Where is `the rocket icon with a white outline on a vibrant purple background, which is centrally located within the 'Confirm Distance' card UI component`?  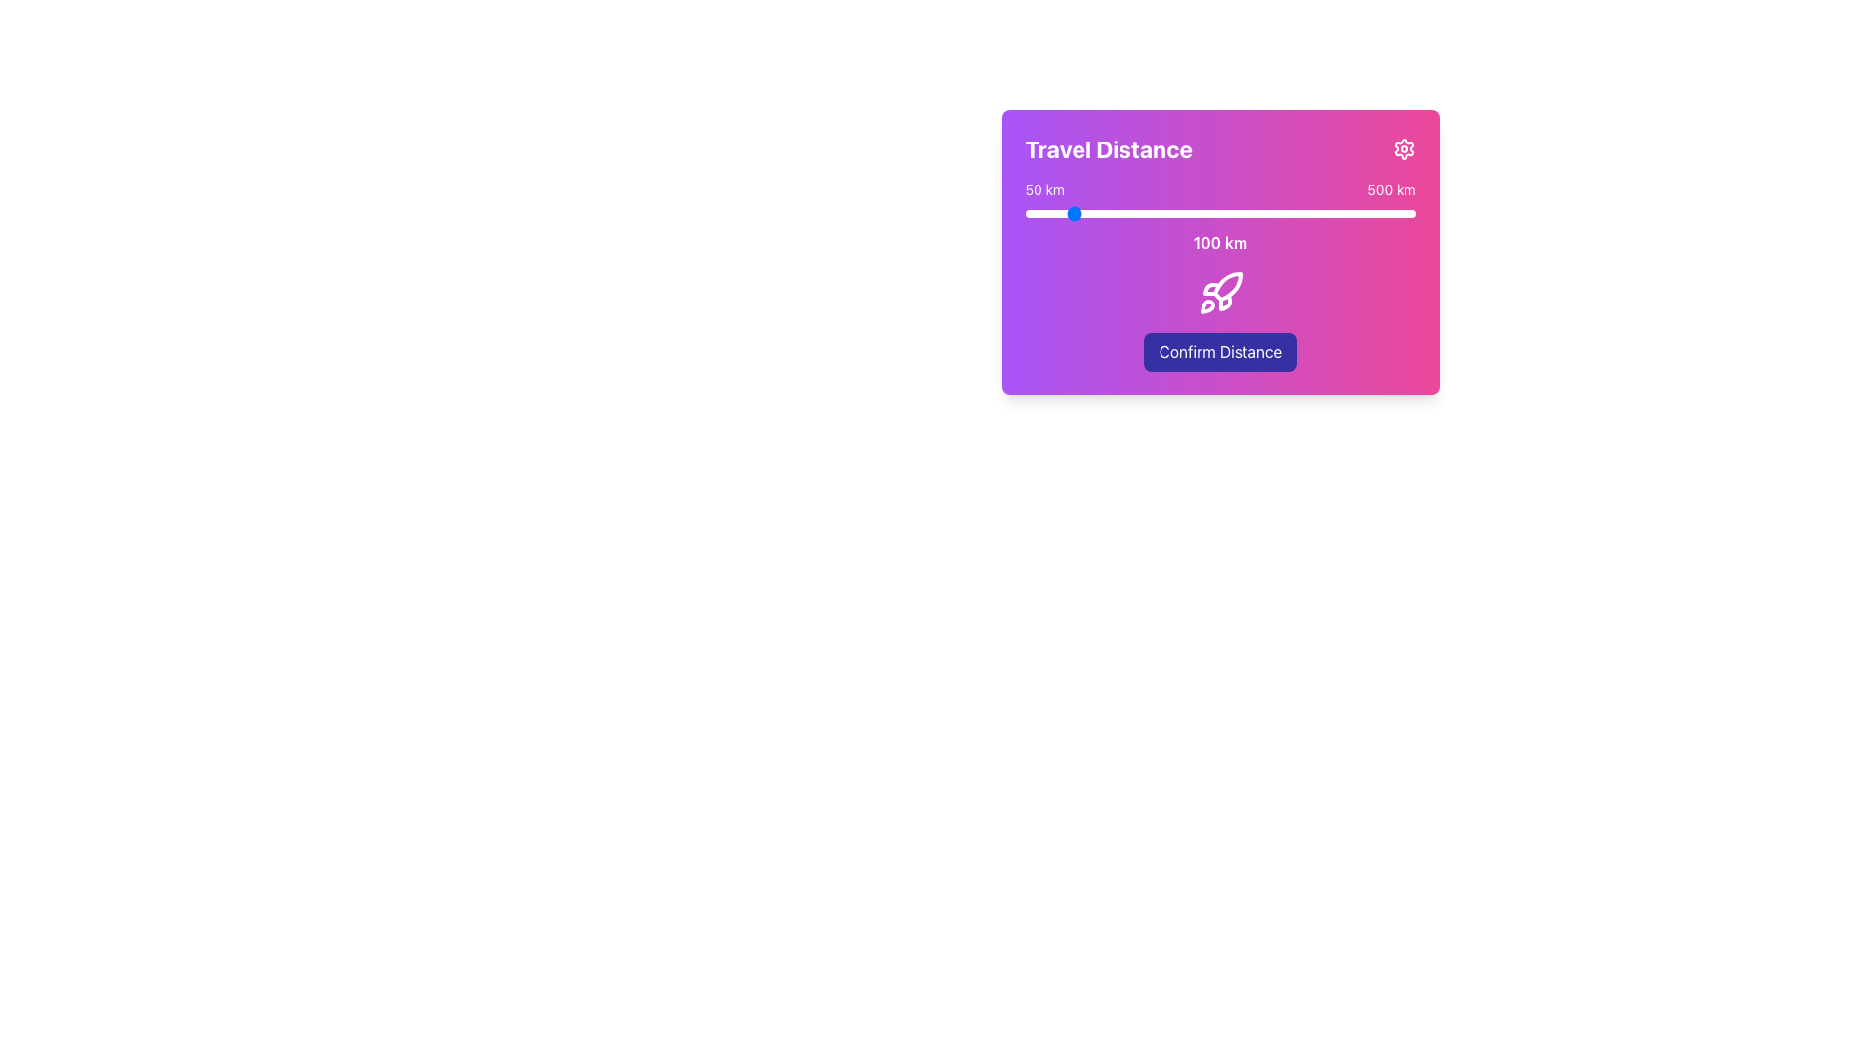
the rocket icon with a white outline on a vibrant purple background, which is centrally located within the 'Confirm Distance' card UI component is located at coordinates (1219, 293).